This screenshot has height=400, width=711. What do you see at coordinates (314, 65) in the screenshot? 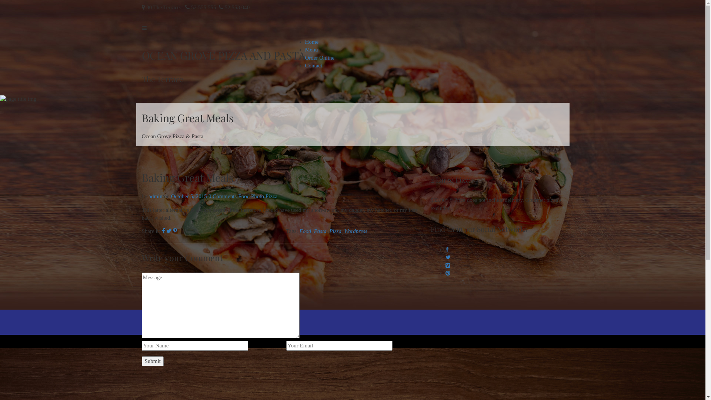
I see `'Contact'` at bounding box center [314, 65].